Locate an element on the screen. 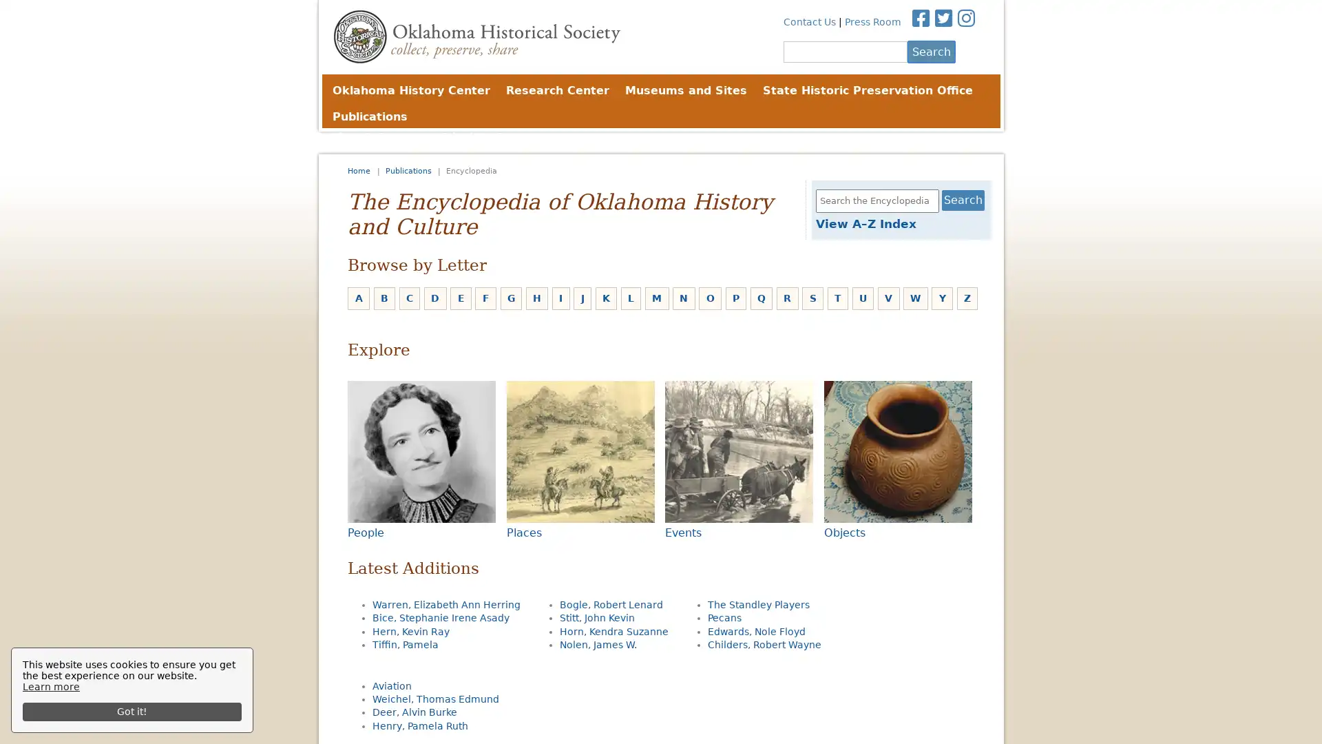  Search is located at coordinates (931, 50).